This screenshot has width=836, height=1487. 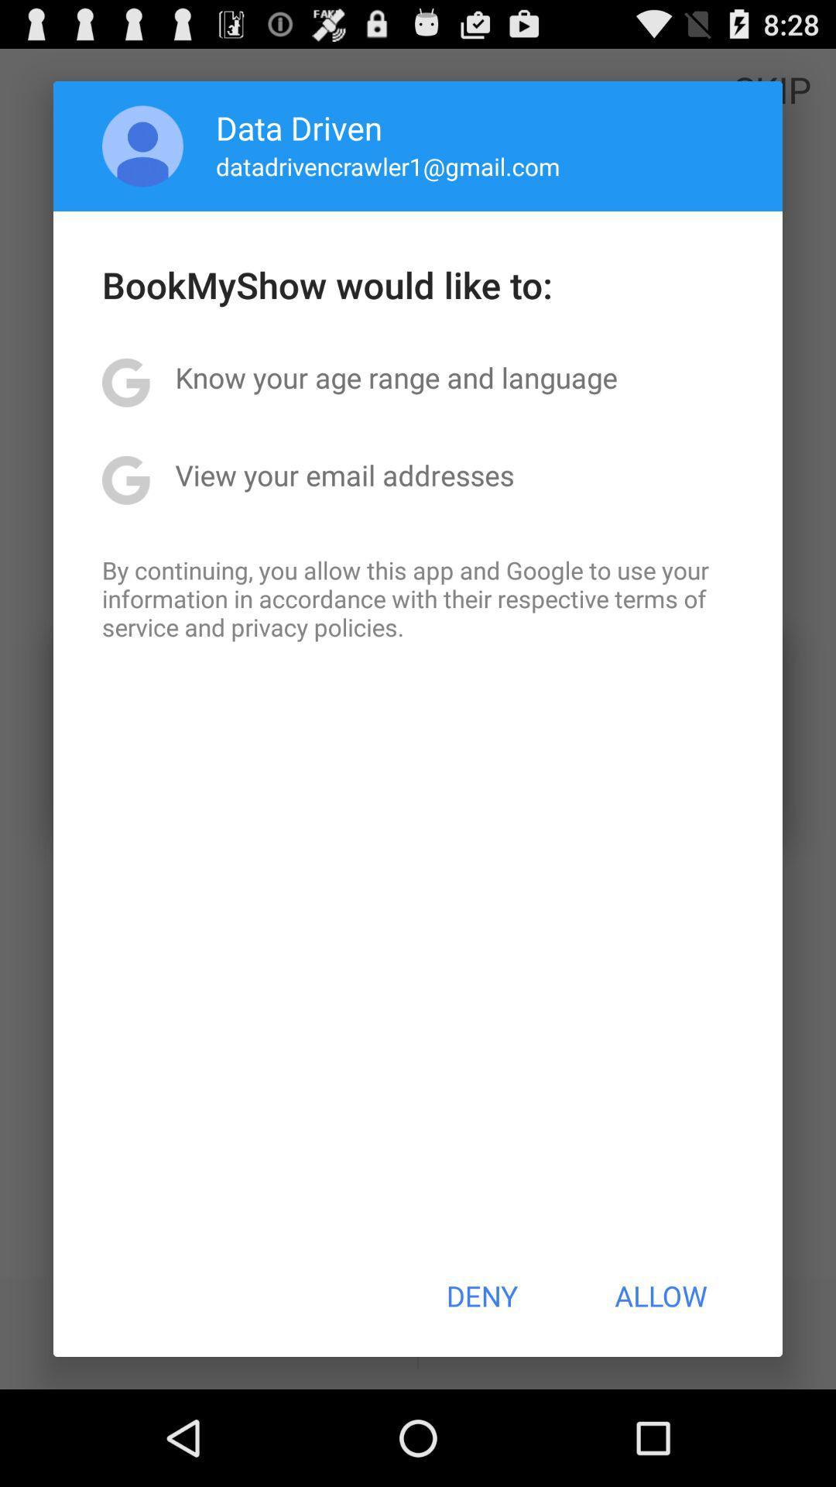 I want to click on the deny button, so click(x=481, y=1296).